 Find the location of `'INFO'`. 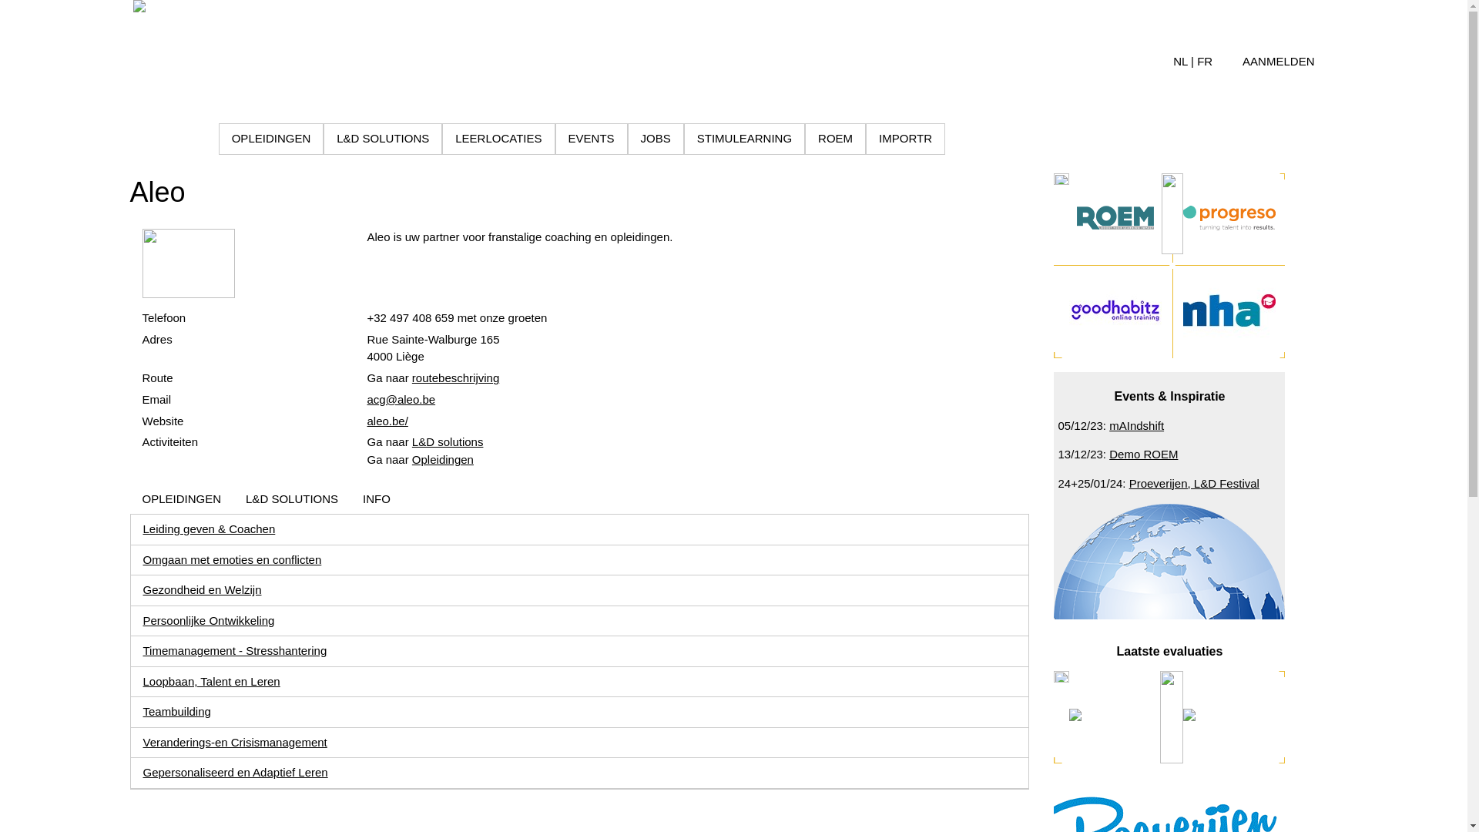

'INFO' is located at coordinates (377, 499).